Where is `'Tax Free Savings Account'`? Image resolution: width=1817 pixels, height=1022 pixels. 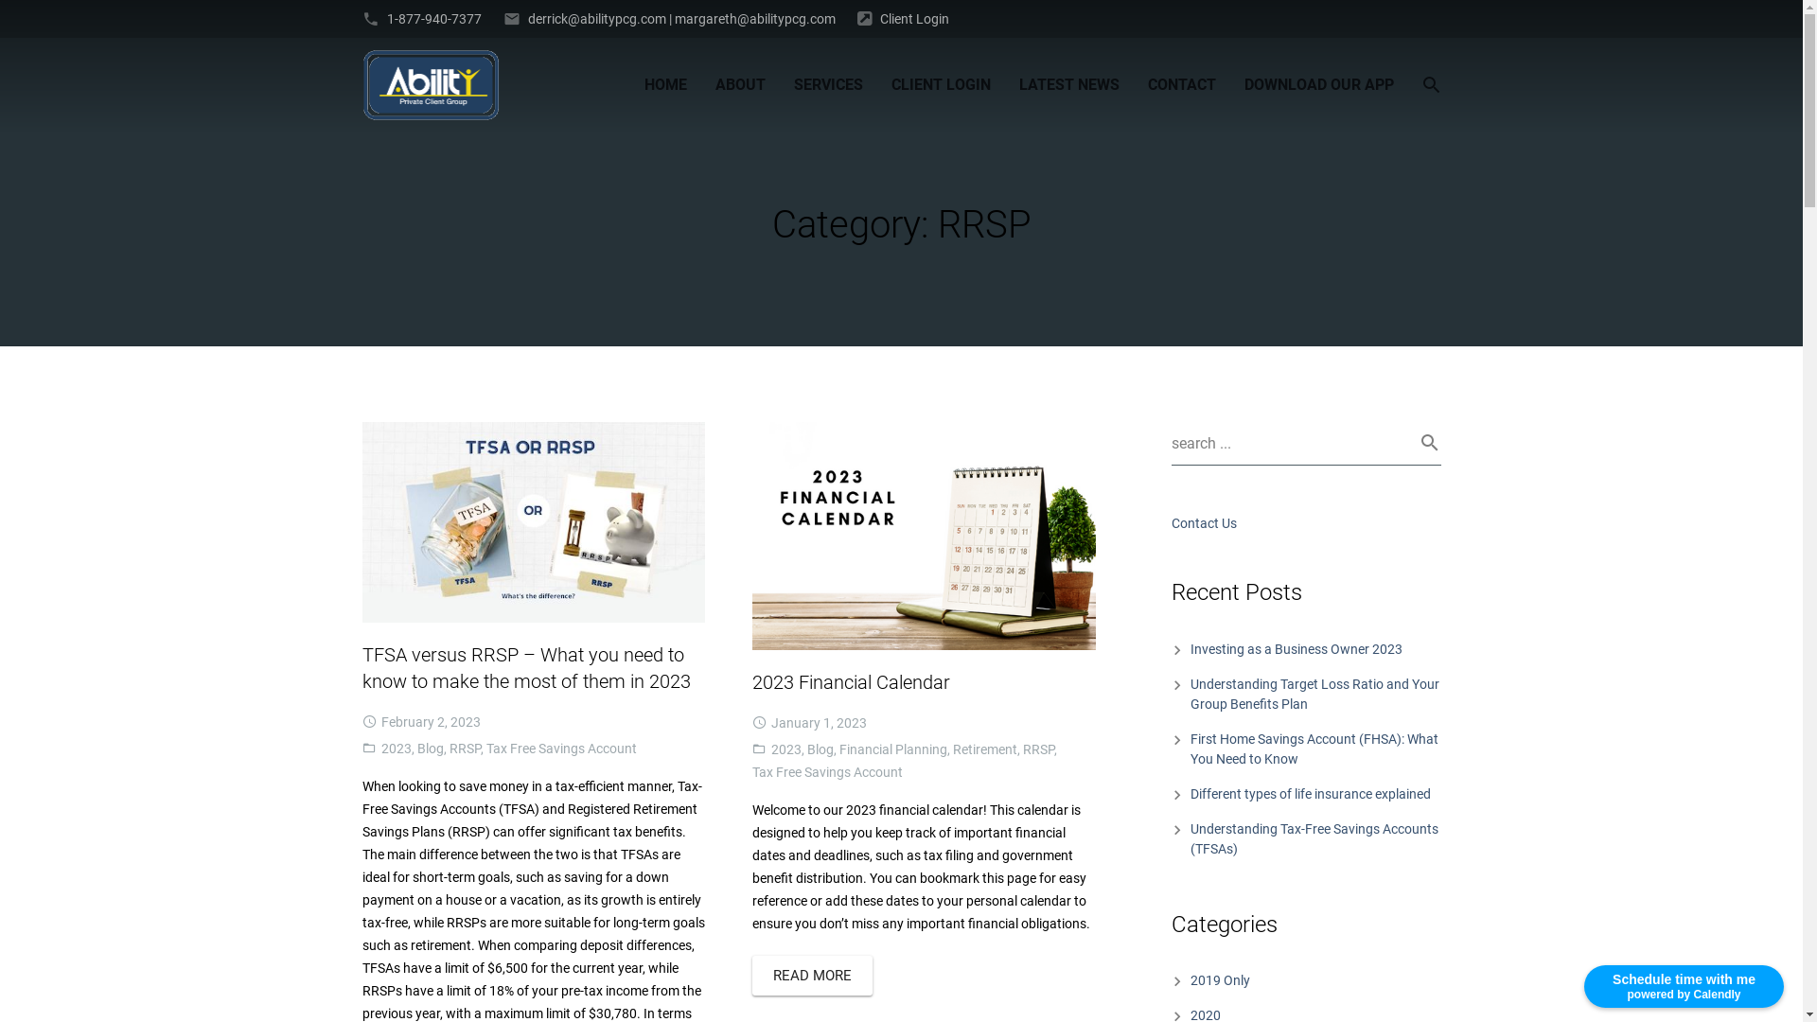
'Tax Free Savings Account' is located at coordinates (560, 747).